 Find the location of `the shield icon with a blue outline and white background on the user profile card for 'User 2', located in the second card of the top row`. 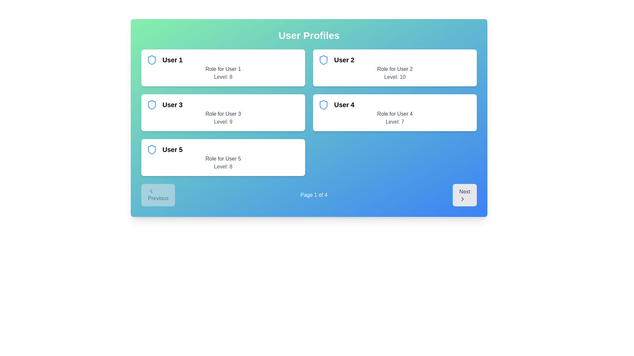

the shield icon with a blue outline and white background on the user profile card for 'User 2', located in the second card of the top row is located at coordinates (323, 60).